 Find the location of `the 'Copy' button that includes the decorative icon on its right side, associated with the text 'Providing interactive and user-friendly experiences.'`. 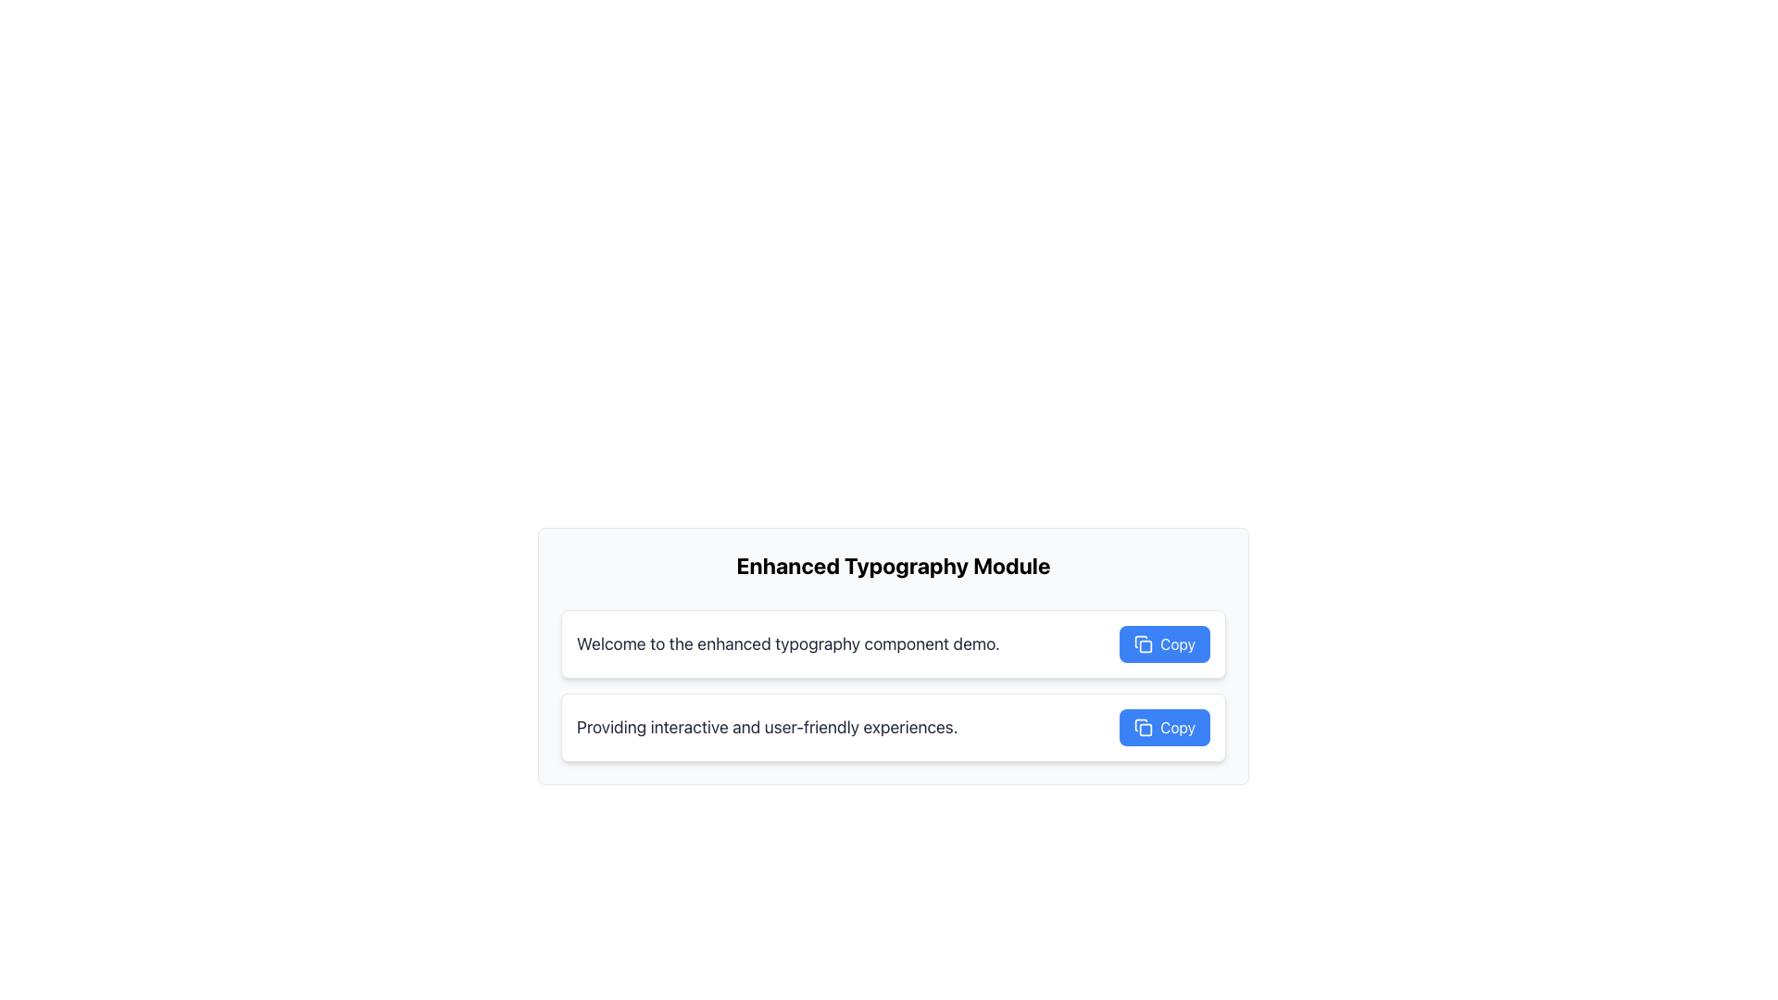

the 'Copy' button that includes the decorative icon on its right side, associated with the text 'Providing interactive and user-friendly experiences.' is located at coordinates (1143, 727).